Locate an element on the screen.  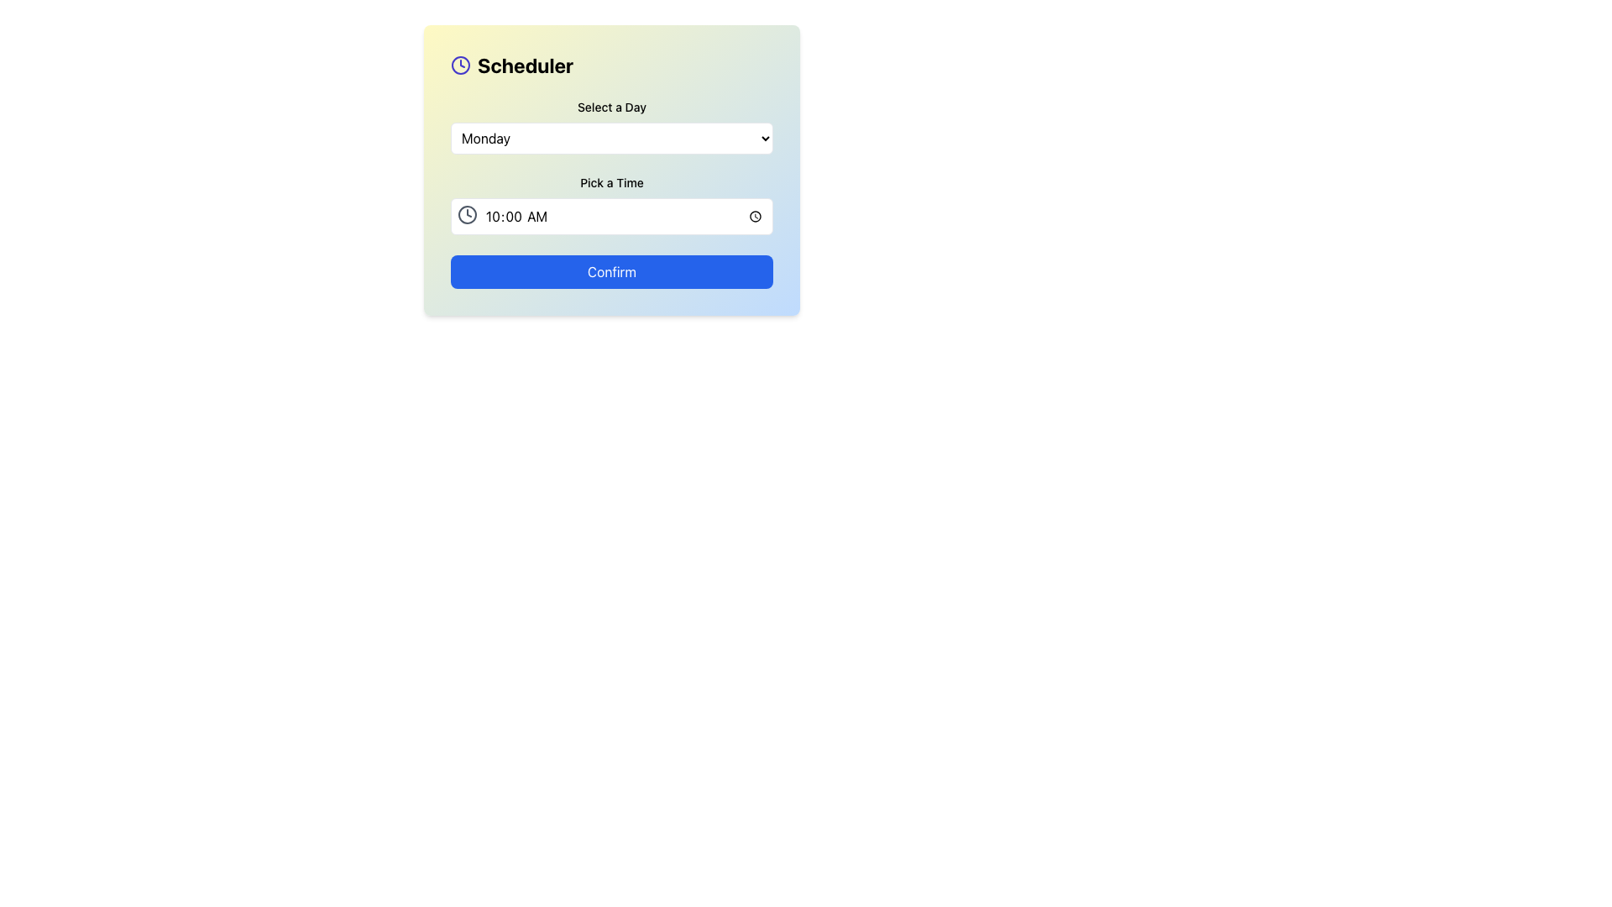
the text label that reads 'Select a Day', positioned above the dropdown menu for selecting days of the week is located at coordinates (611, 107).